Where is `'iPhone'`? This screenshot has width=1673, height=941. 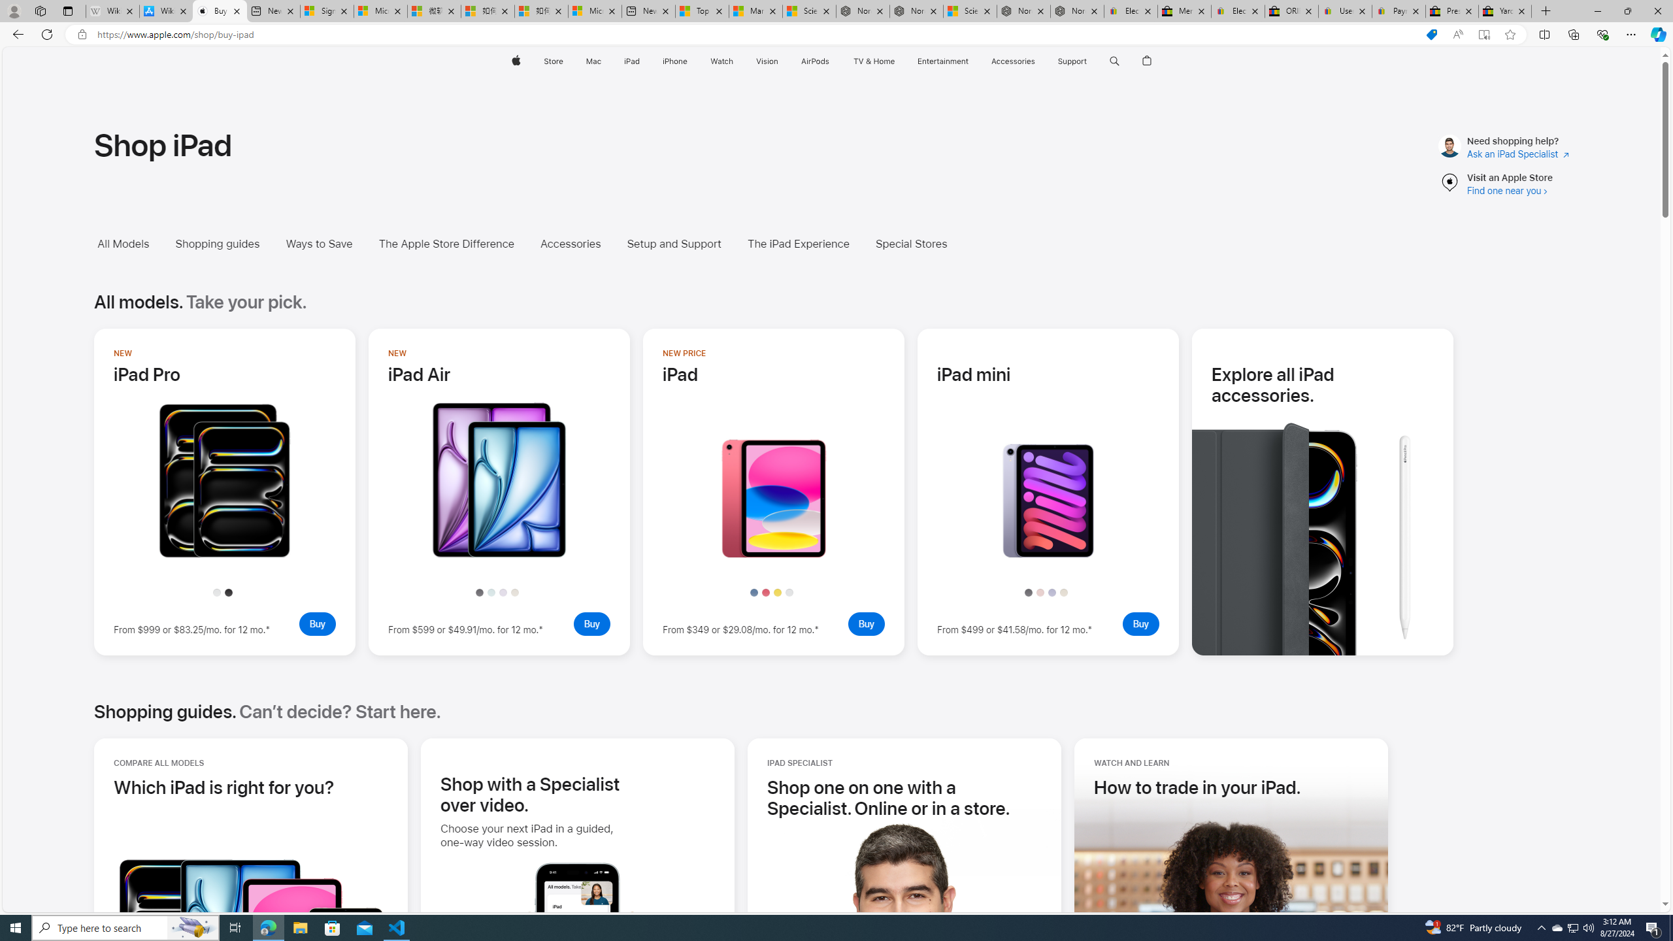
'iPhone' is located at coordinates (674, 61).